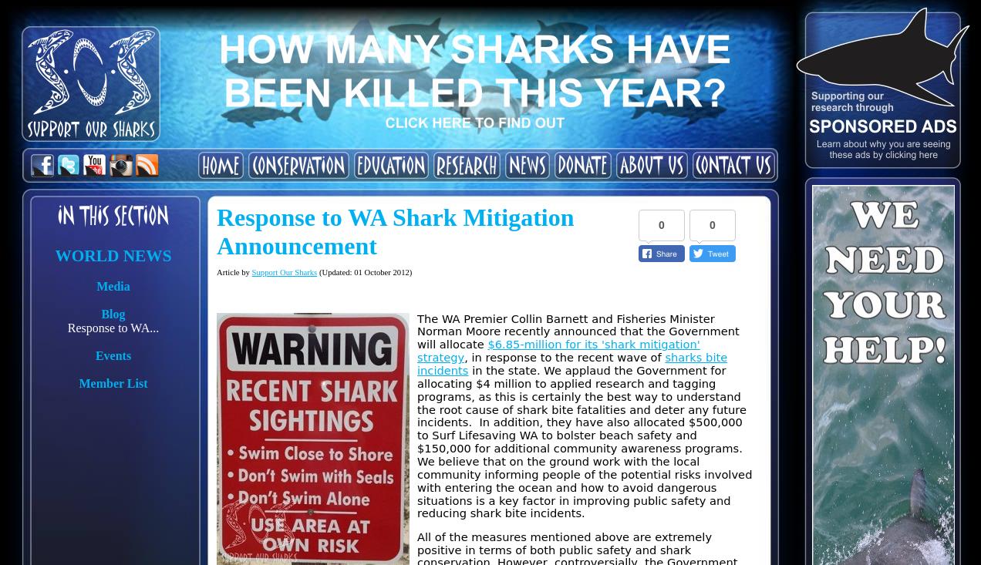  I want to click on ', in response 
			to the recent wave of', so click(565, 356).